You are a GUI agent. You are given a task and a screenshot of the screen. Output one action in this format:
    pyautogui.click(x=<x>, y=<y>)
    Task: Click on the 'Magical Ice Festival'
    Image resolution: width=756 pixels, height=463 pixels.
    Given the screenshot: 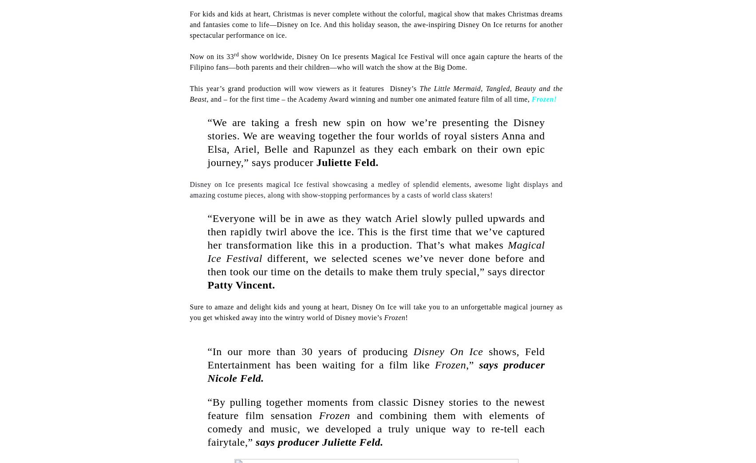 What is the action you would take?
    pyautogui.click(x=376, y=251)
    